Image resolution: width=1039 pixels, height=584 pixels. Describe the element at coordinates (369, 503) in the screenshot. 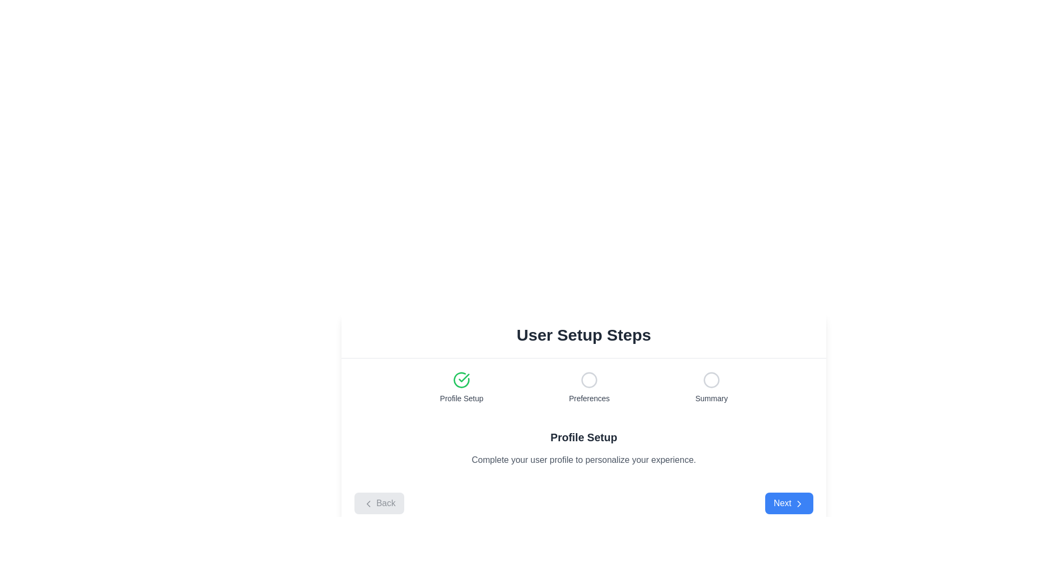

I see `the left-pointing chevron icon within the gray 'Back' button` at that location.